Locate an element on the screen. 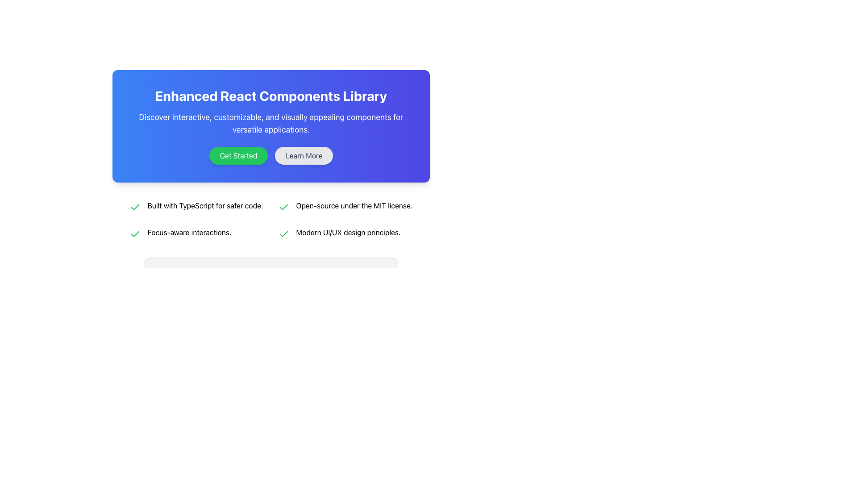 Image resolution: width=857 pixels, height=482 pixels. the green checkmark icon that symbolizes confirmed features, located next to the text 'Focus-aware interactions' in the vertical list of icons is located at coordinates (134, 207).